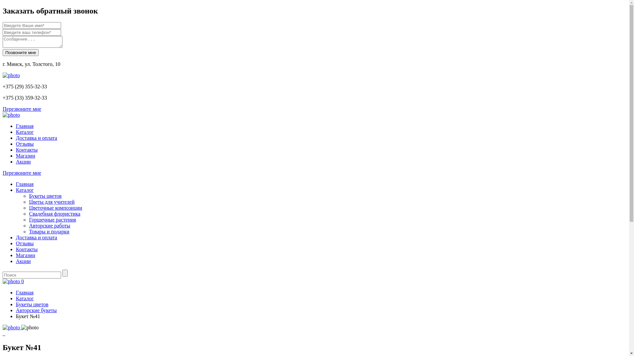  Describe the element at coordinates (13, 281) in the screenshot. I see `'0'` at that location.